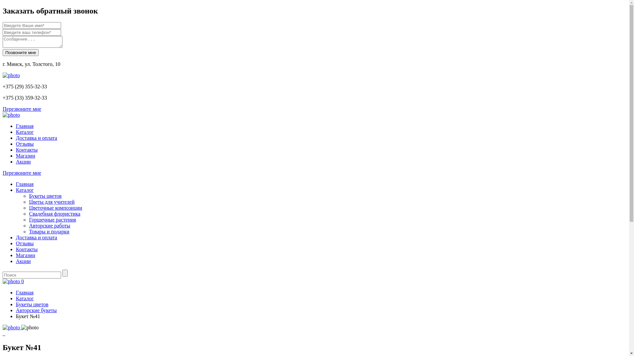  Describe the element at coordinates (13, 281) in the screenshot. I see `'0'` at that location.